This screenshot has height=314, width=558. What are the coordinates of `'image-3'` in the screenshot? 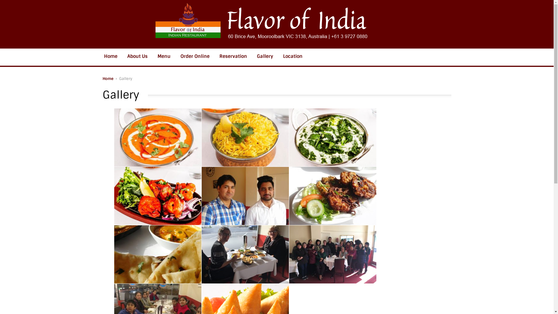 It's located at (332, 138).